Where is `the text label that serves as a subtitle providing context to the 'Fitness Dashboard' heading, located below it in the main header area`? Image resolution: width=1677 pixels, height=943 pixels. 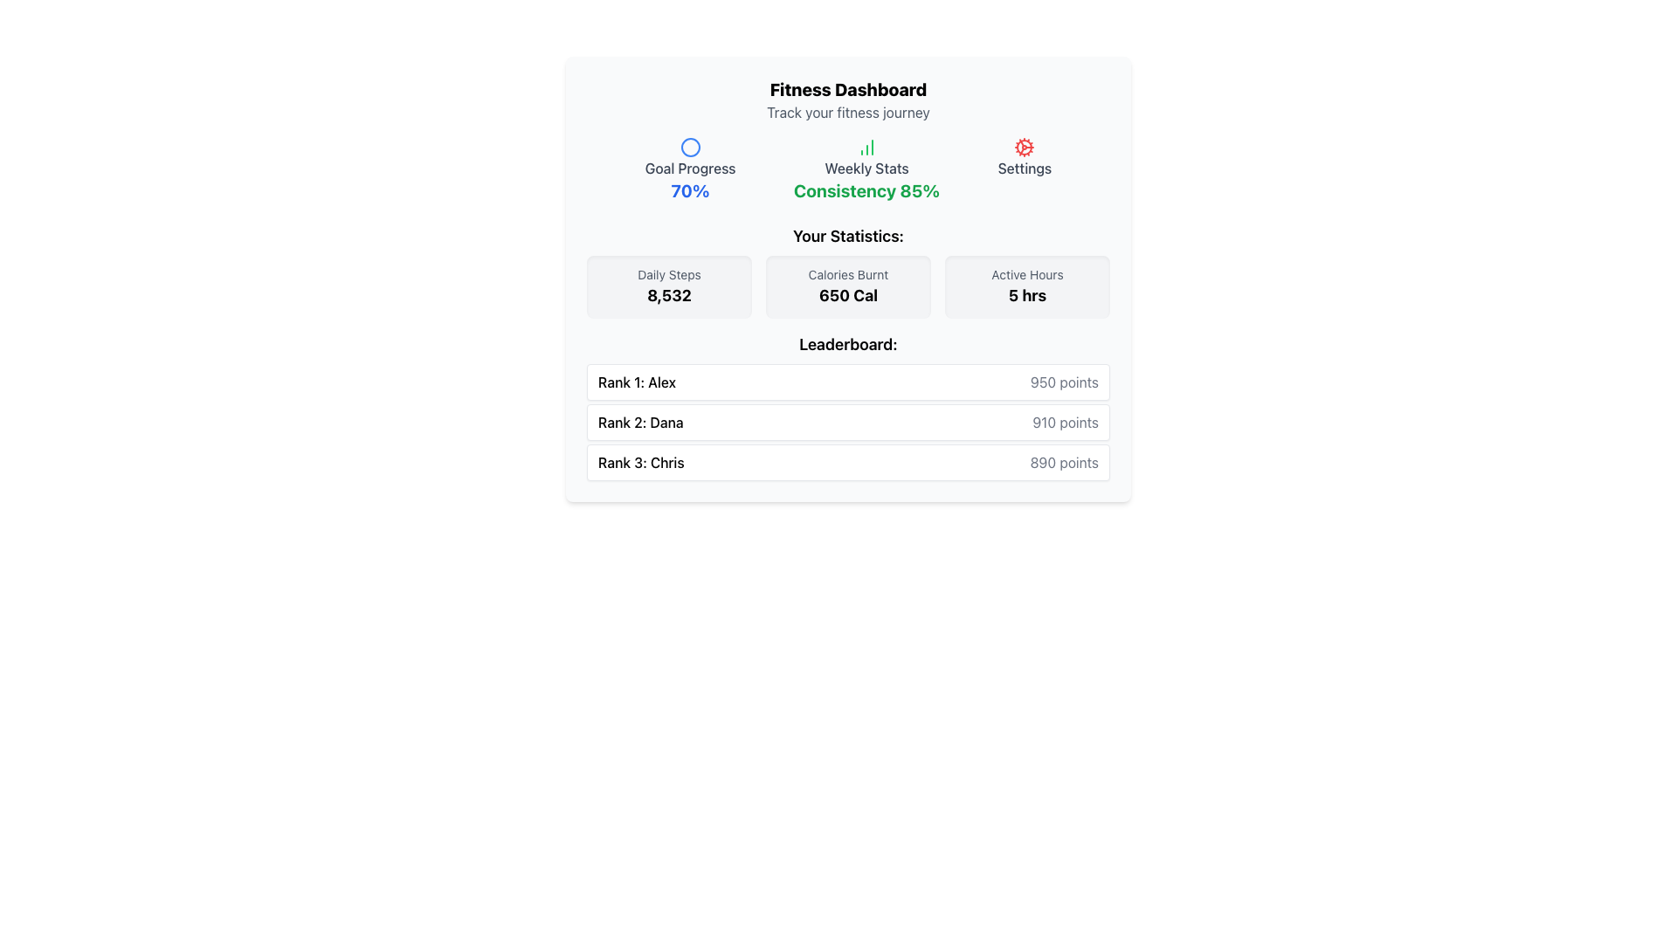
the text label that serves as a subtitle providing context to the 'Fitness Dashboard' heading, located below it in the main header area is located at coordinates (848, 112).